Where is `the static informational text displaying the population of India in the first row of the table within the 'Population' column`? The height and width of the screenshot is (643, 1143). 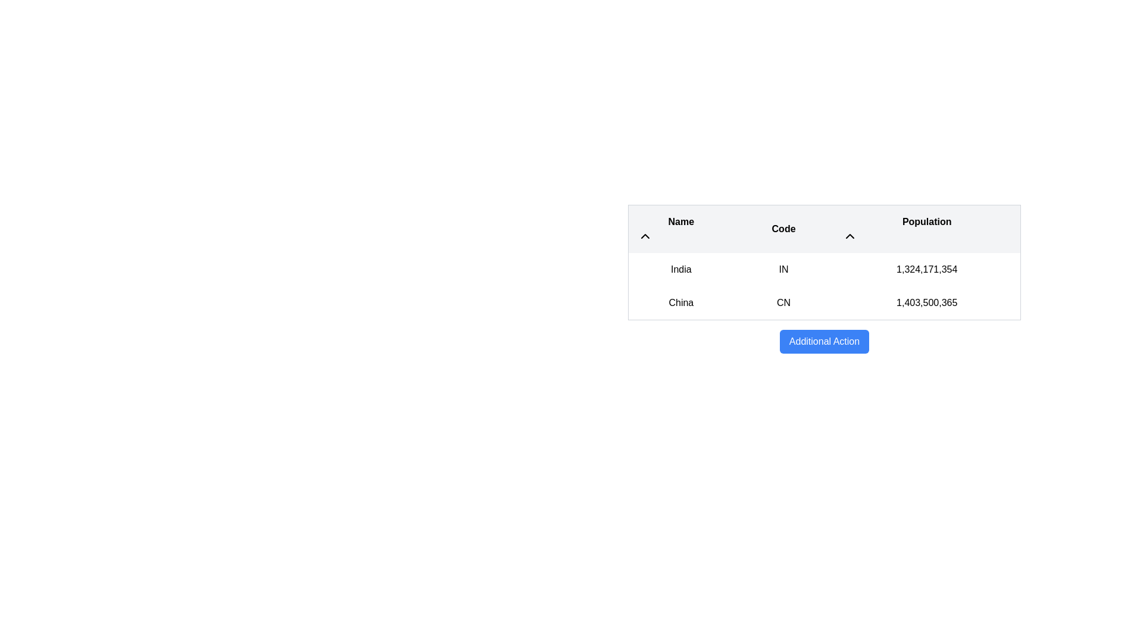 the static informational text displaying the population of India in the first row of the table within the 'Population' column is located at coordinates (926, 269).